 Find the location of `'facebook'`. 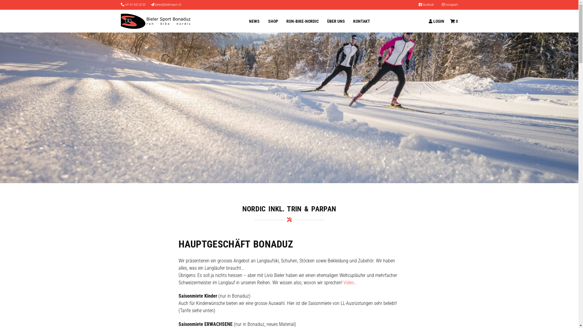

'facebook' is located at coordinates (425, 5).